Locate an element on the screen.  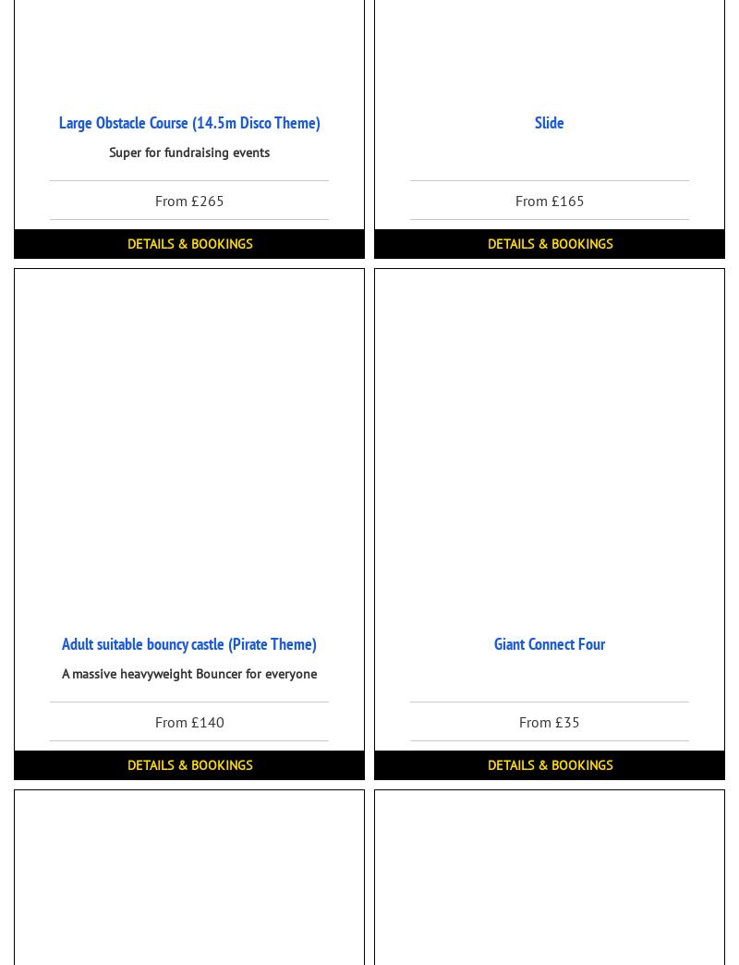
'From £165' is located at coordinates (515, 200).